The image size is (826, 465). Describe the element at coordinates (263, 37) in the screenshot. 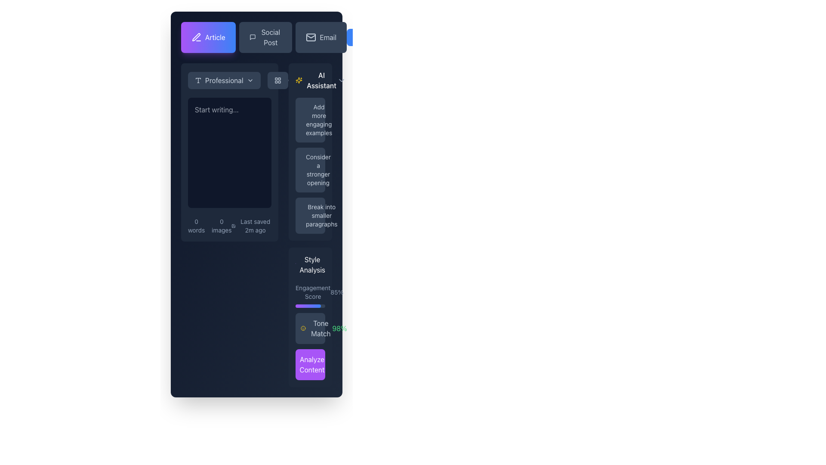

I see `the 'Social Post' button located between the 'Article' button on the left and the 'Email' button on the right to observe any hover effects` at that location.